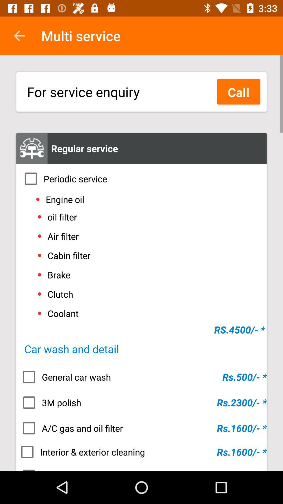  What do you see at coordinates (141, 452) in the screenshot?
I see `icon above the teflon coating item` at bounding box center [141, 452].